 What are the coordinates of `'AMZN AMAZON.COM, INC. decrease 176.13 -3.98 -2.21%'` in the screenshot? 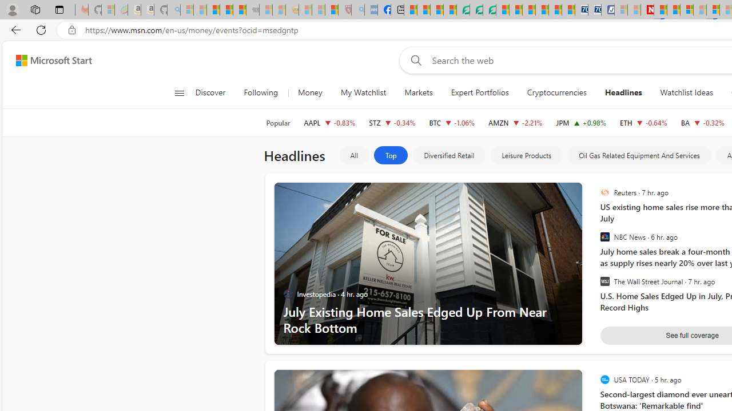 It's located at (515, 122).